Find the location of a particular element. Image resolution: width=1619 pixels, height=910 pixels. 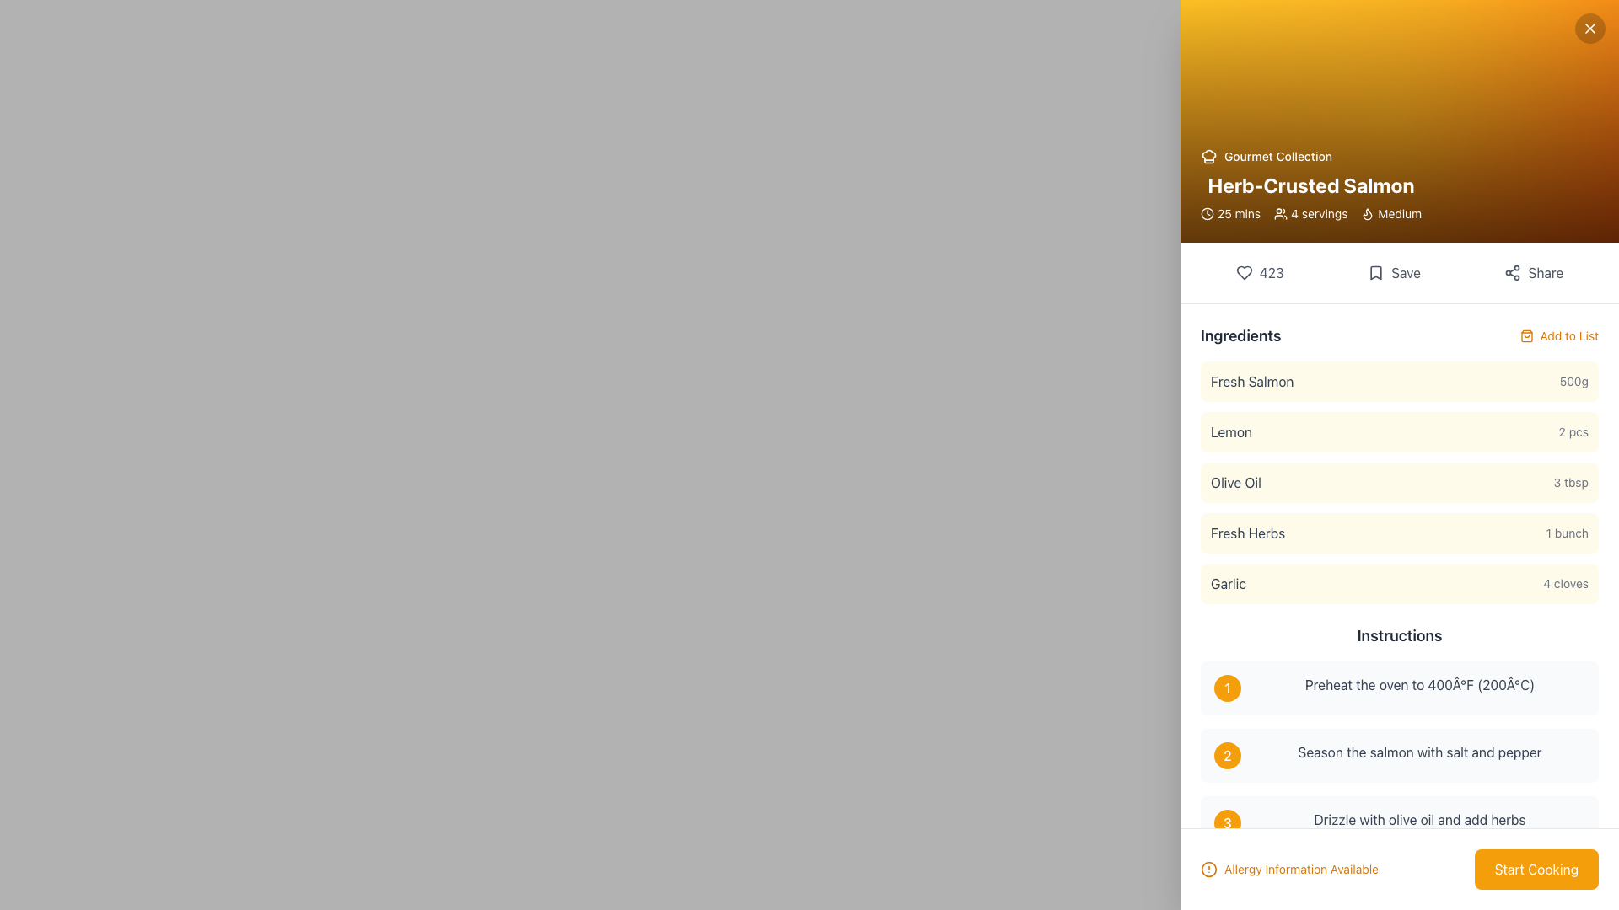

the static list item displaying 'Fresh Herbs' with the quantity '1 bunch' in the recipe interface is located at coordinates (1400, 533).